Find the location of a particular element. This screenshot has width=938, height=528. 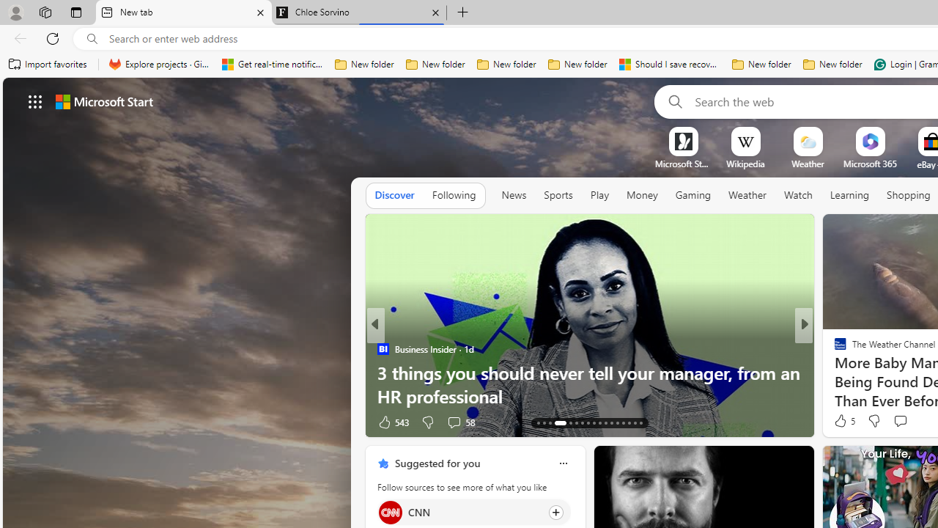

'Sports' is located at coordinates (557, 195).